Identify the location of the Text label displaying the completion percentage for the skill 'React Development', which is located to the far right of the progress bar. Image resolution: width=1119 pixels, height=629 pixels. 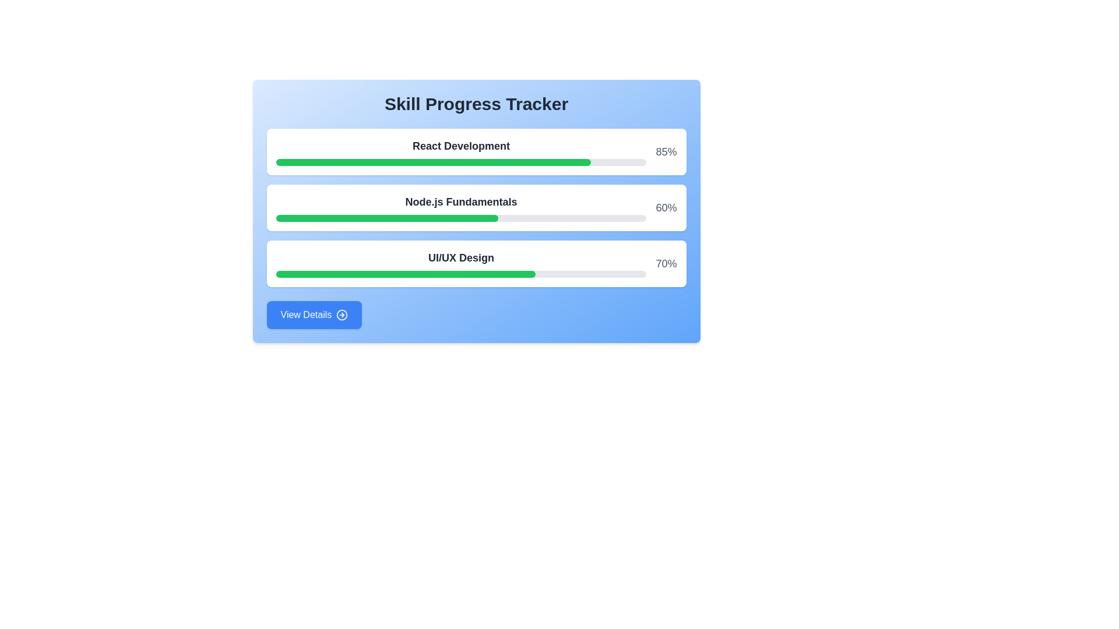
(666, 151).